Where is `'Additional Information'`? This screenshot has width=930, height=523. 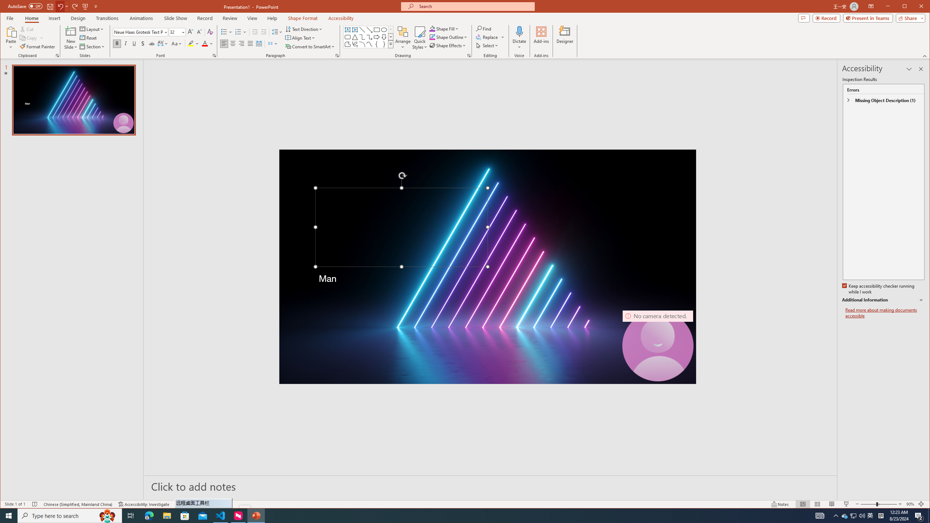 'Additional Information' is located at coordinates (882, 300).